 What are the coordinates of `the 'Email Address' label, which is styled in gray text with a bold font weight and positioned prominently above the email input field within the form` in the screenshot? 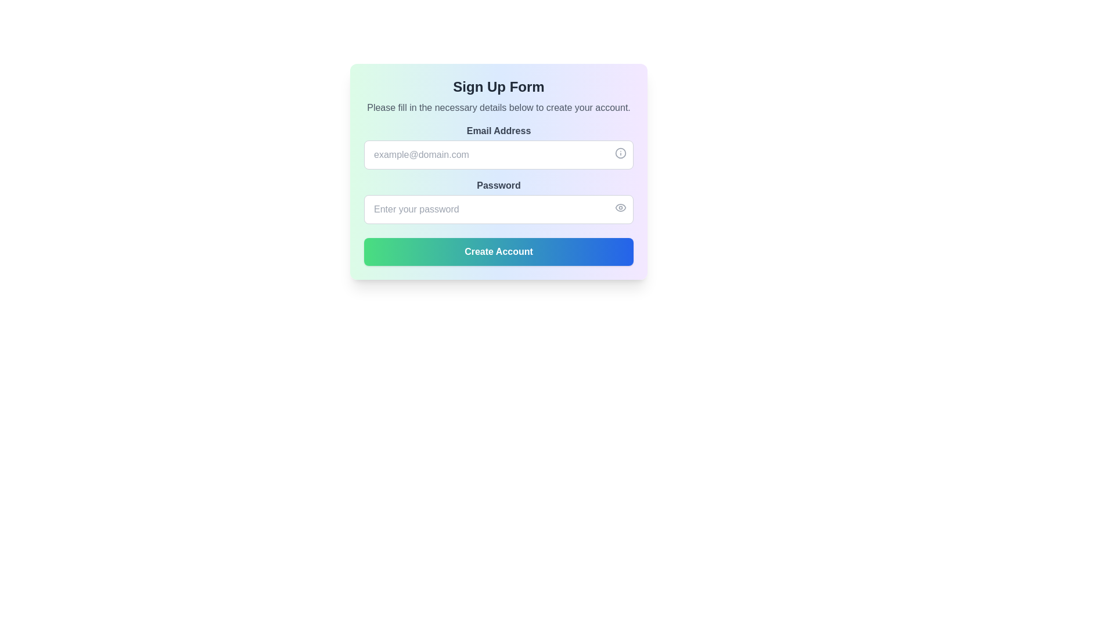 It's located at (499, 131).